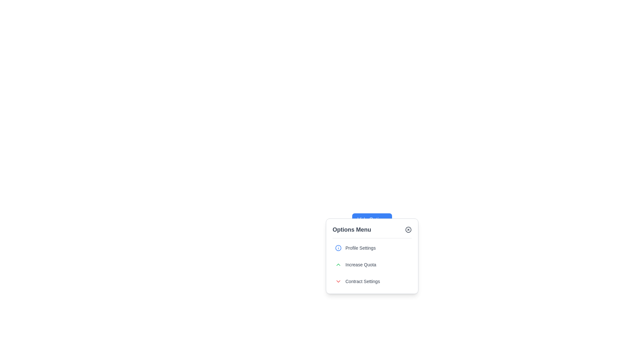 This screenshot has width=617, height=347. What do you see at coordinates (338, 265) in the screenshot?
I see `the small green chevron icon pointing upwards, located to the left of the 'Increase Quota' text in the 'Options Menu' interface` at bounding box center [338, 265].